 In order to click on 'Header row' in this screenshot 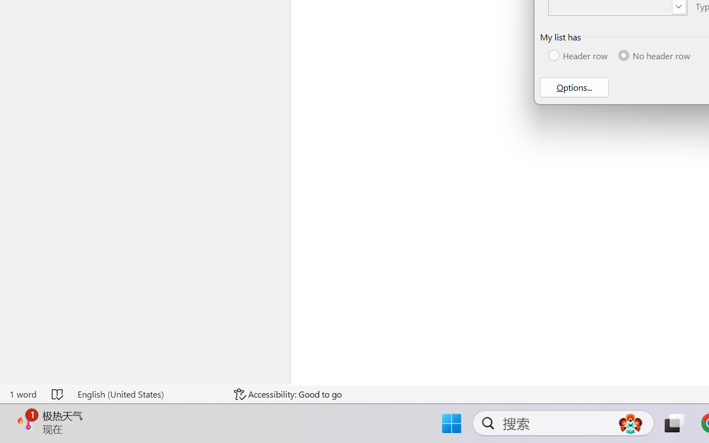, I will do `click(578, 55)`.